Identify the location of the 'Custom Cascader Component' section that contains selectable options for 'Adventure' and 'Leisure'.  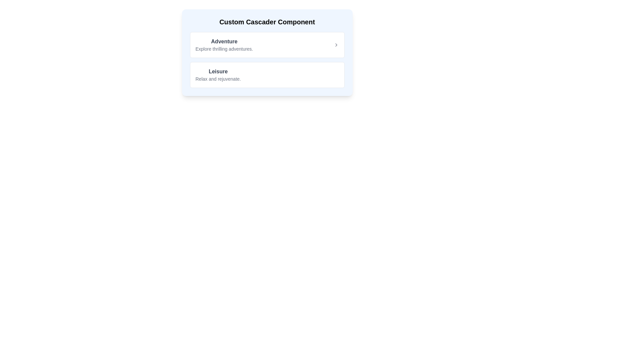
(267, 52).